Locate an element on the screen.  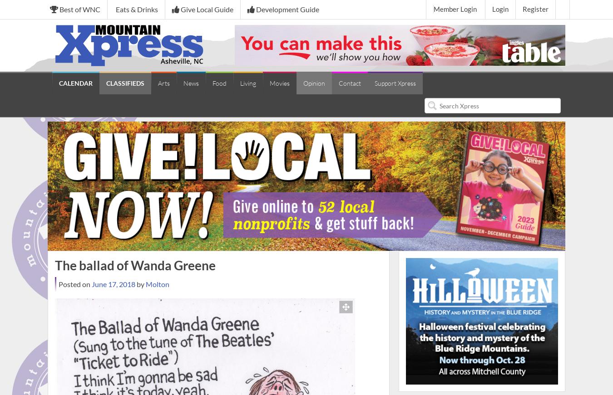
'Development Guide' is located at coordinates (287, 9).